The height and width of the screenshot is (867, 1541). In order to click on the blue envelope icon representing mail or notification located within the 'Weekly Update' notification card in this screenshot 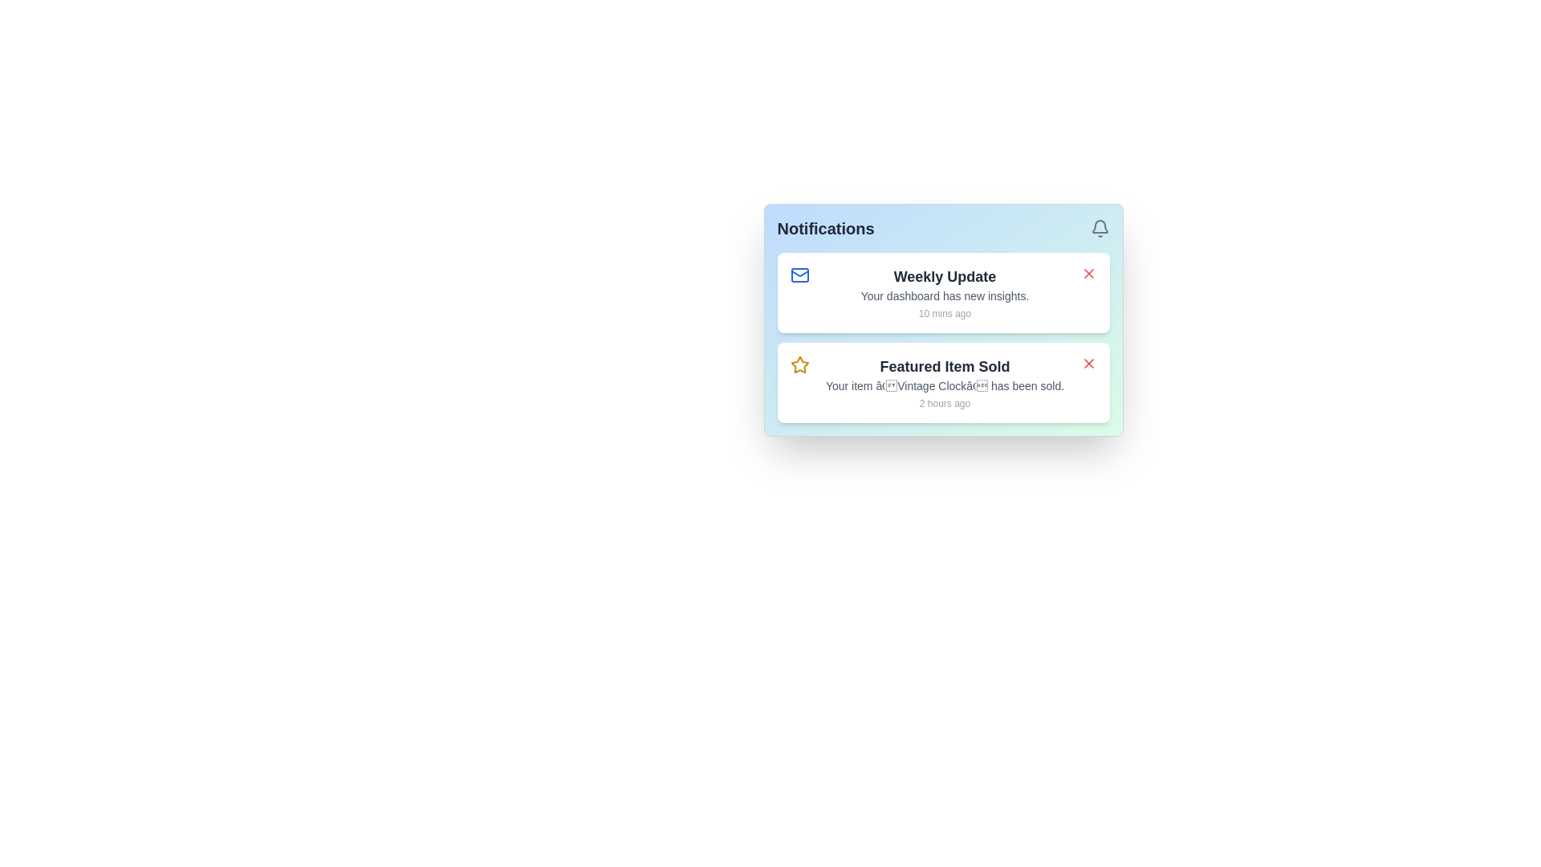, I will do `click(799, 275)`.